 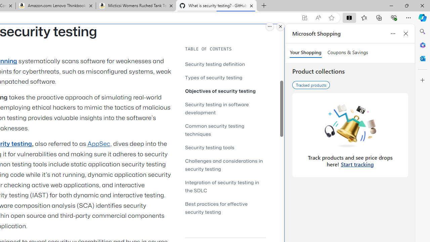 What do you see at coordinates (422, 58) in the screenshot?
I see `'Outlook'` at bounding box center [422, 58].